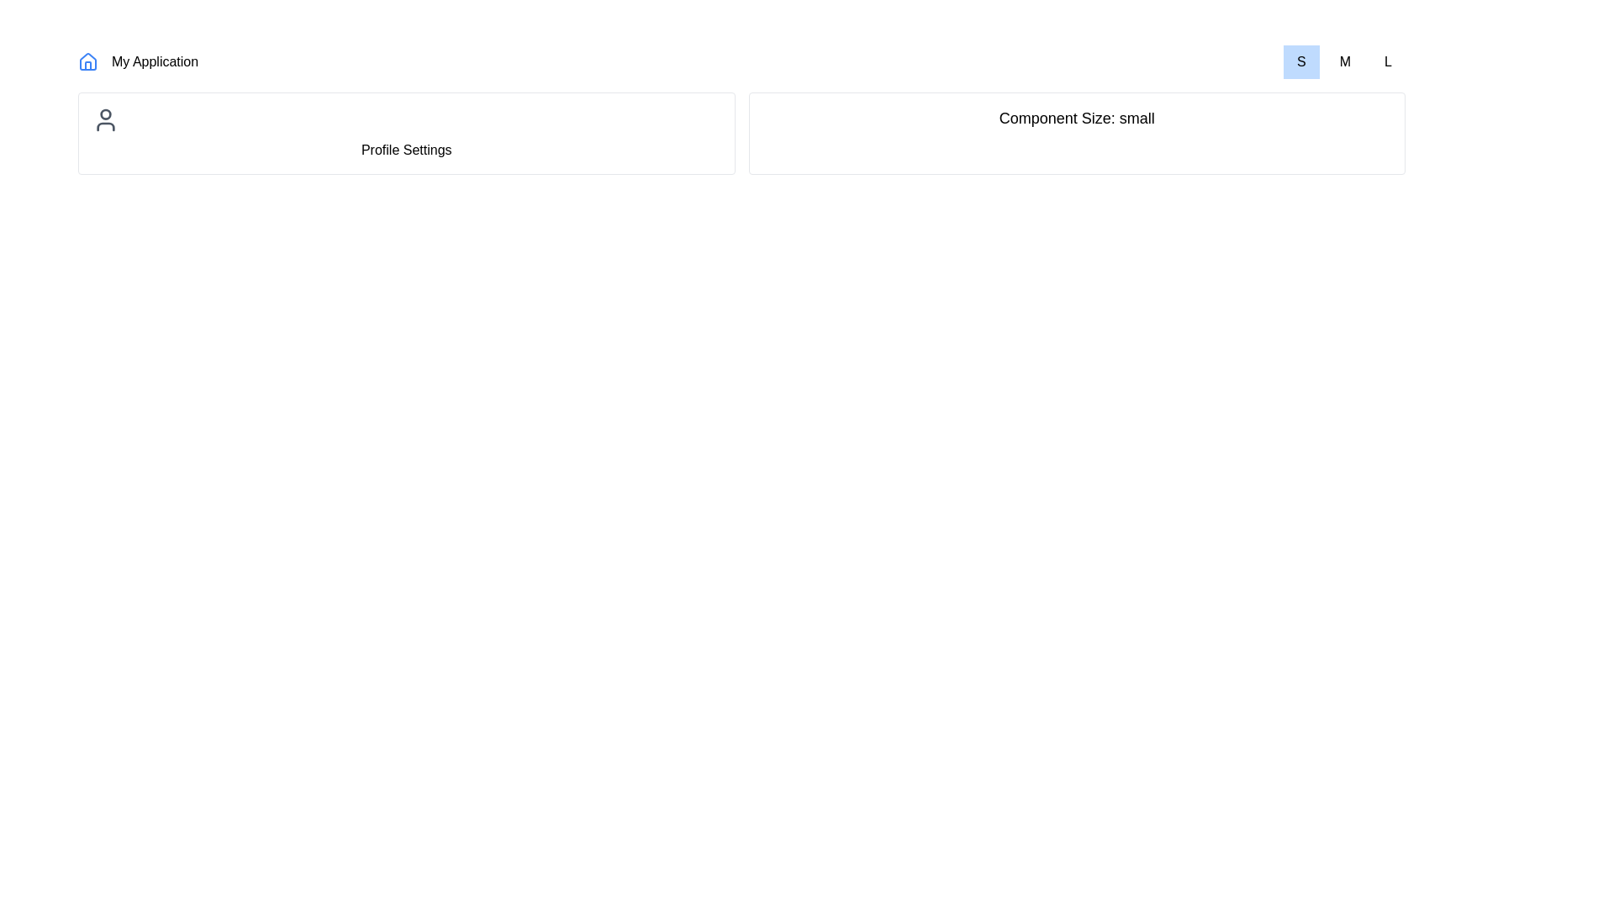 The image size is (1614, 908). What do you see at coordinates (104, 113) in the screenshot?
I see `the non-interactive visual Circle that forms the head of the user icon, located at the top-center part of the icon` at bounding box center [104, 113].